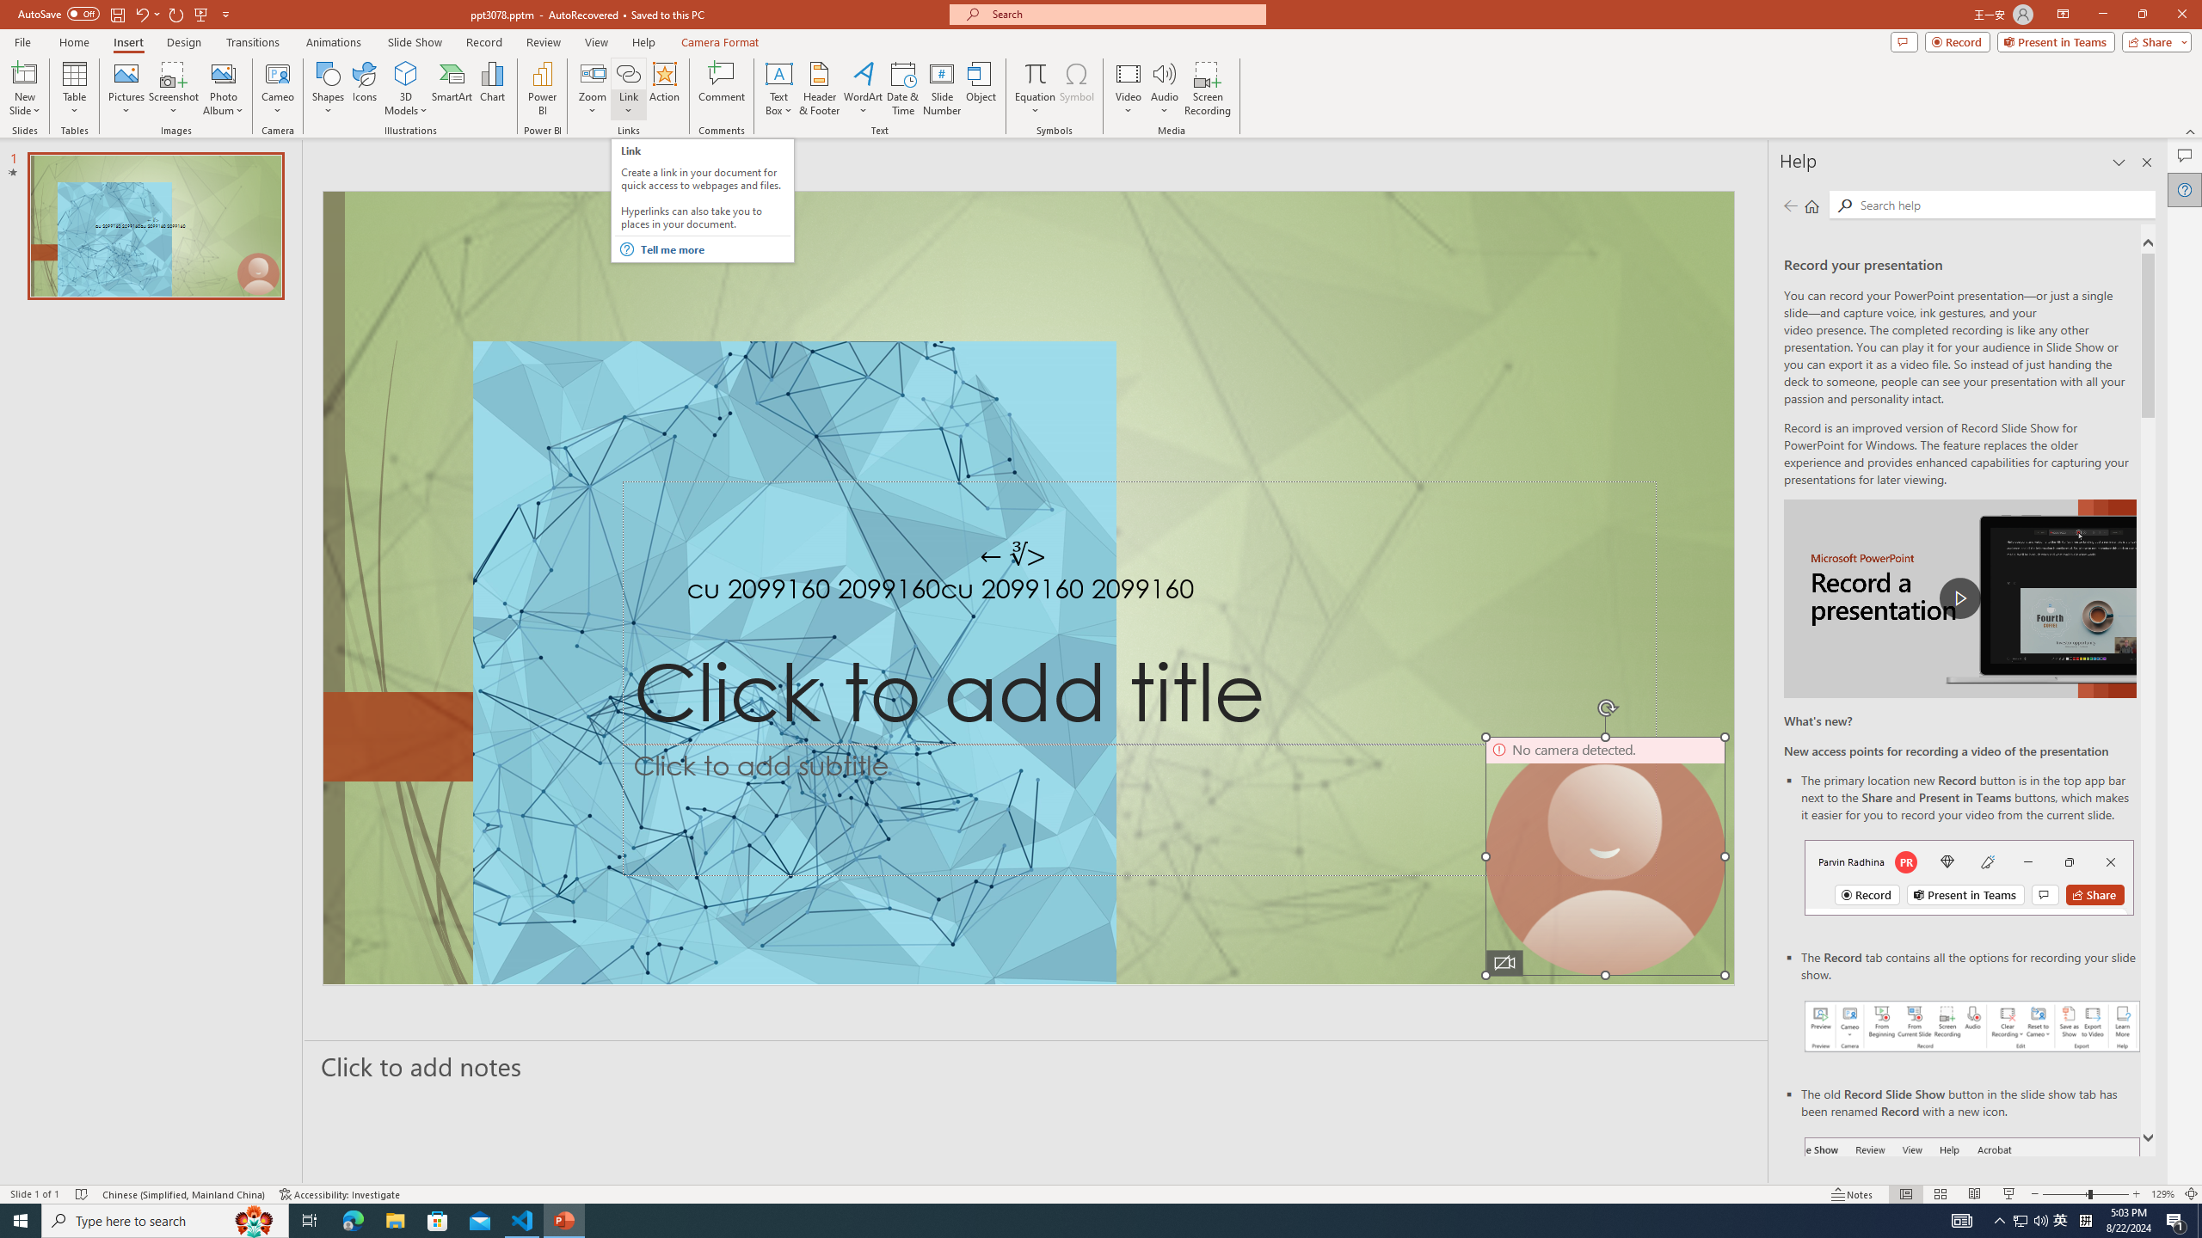 The height and width of the screenshot is (1238, 2202). What do you see at coordinates (2191, 132) in the screenshot?
I see `'Collapse the Ribbon'` at bounding box center [2191, 132].